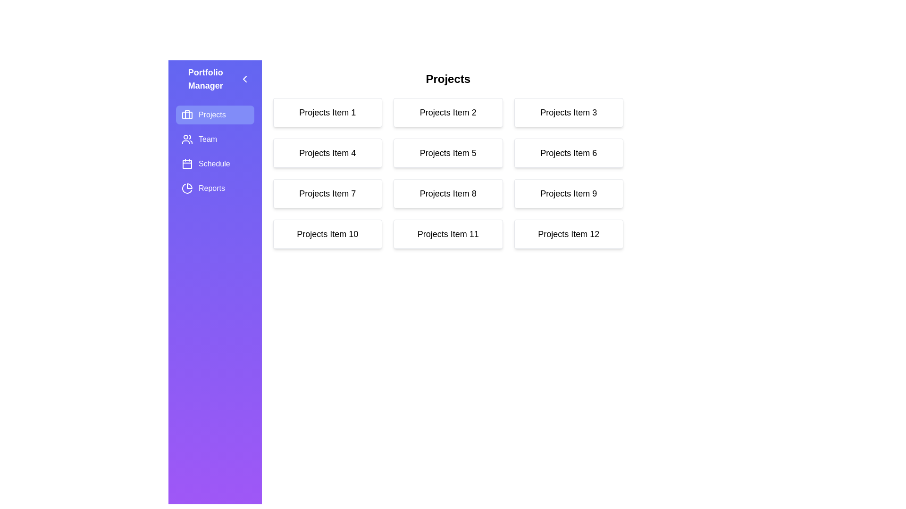  What do you see at coordinates (214, 163) in the screenshot?
I see `the sidebar module Schedule to navigate to it` at bounding box center [214, 163].